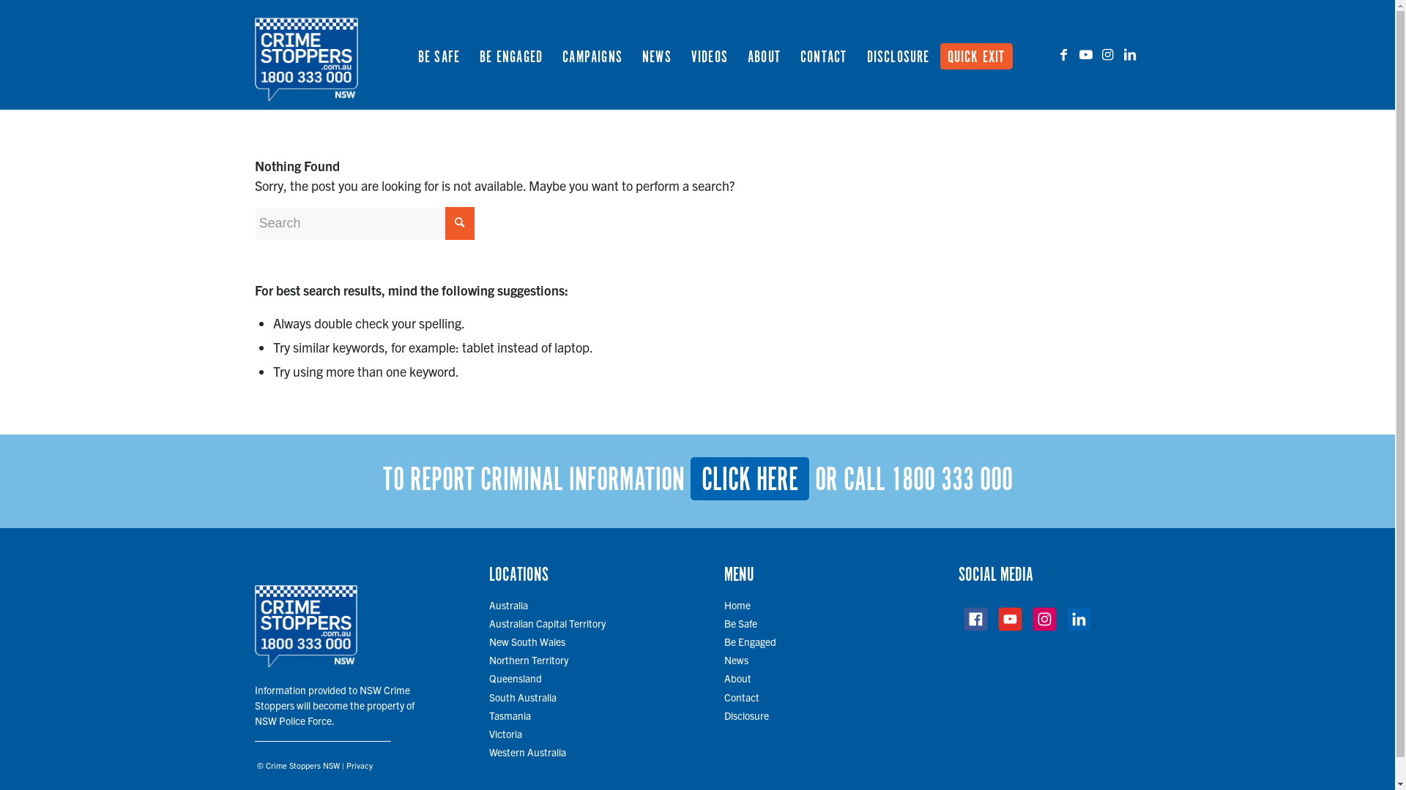 The width and height of the screenshot is (1406, 790). Describe the element at coordinates (527, 640) in the screenshot. I see `'New South Wales'` at that location.